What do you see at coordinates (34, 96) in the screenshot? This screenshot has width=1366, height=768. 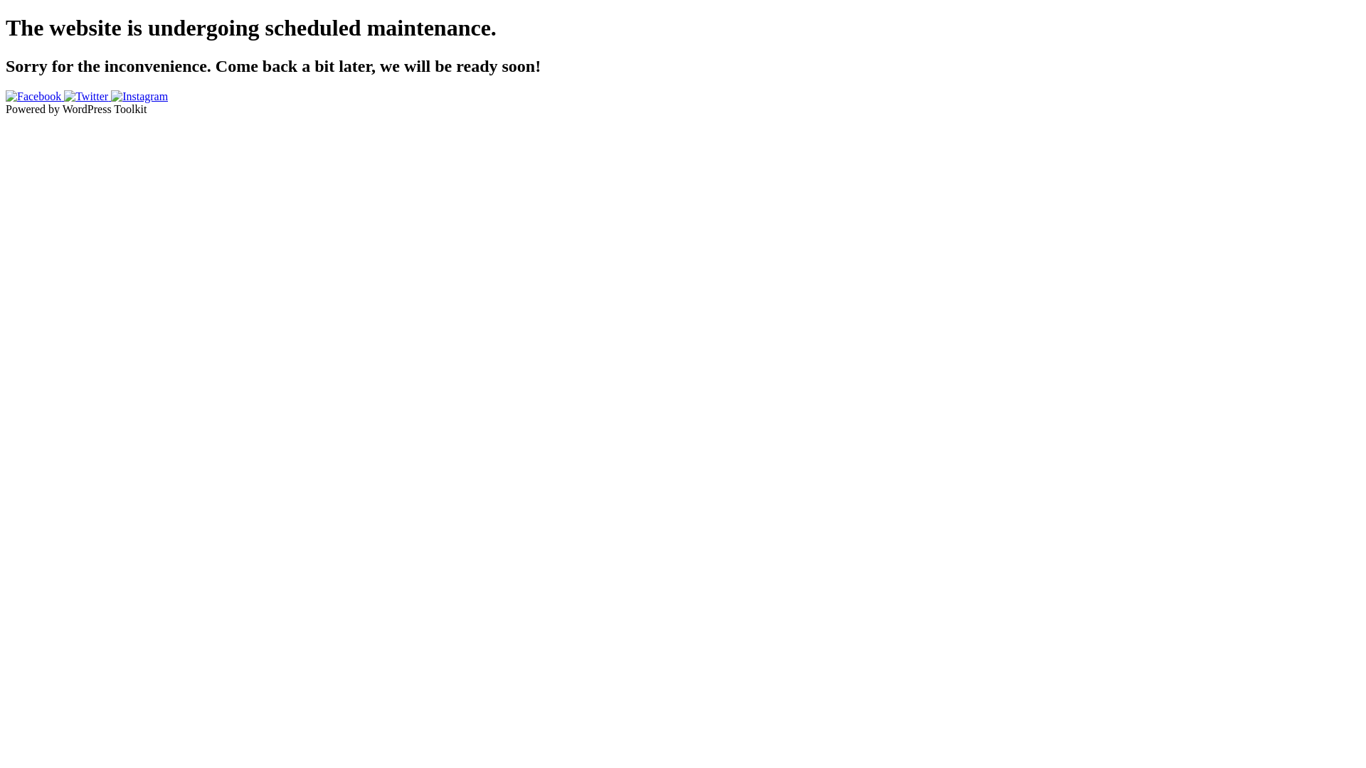 I see `'Facebook'` at bounding box center [34, 96].